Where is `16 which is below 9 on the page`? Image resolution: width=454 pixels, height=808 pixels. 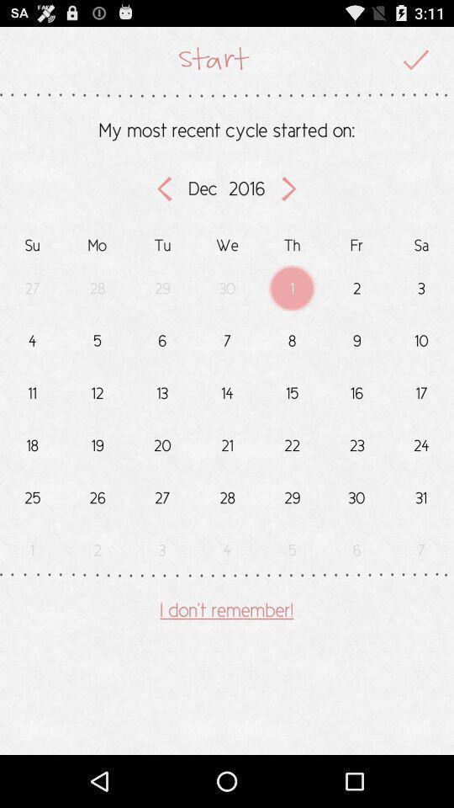 16 which is below 9 on the page is located at coordinates (356, 390).